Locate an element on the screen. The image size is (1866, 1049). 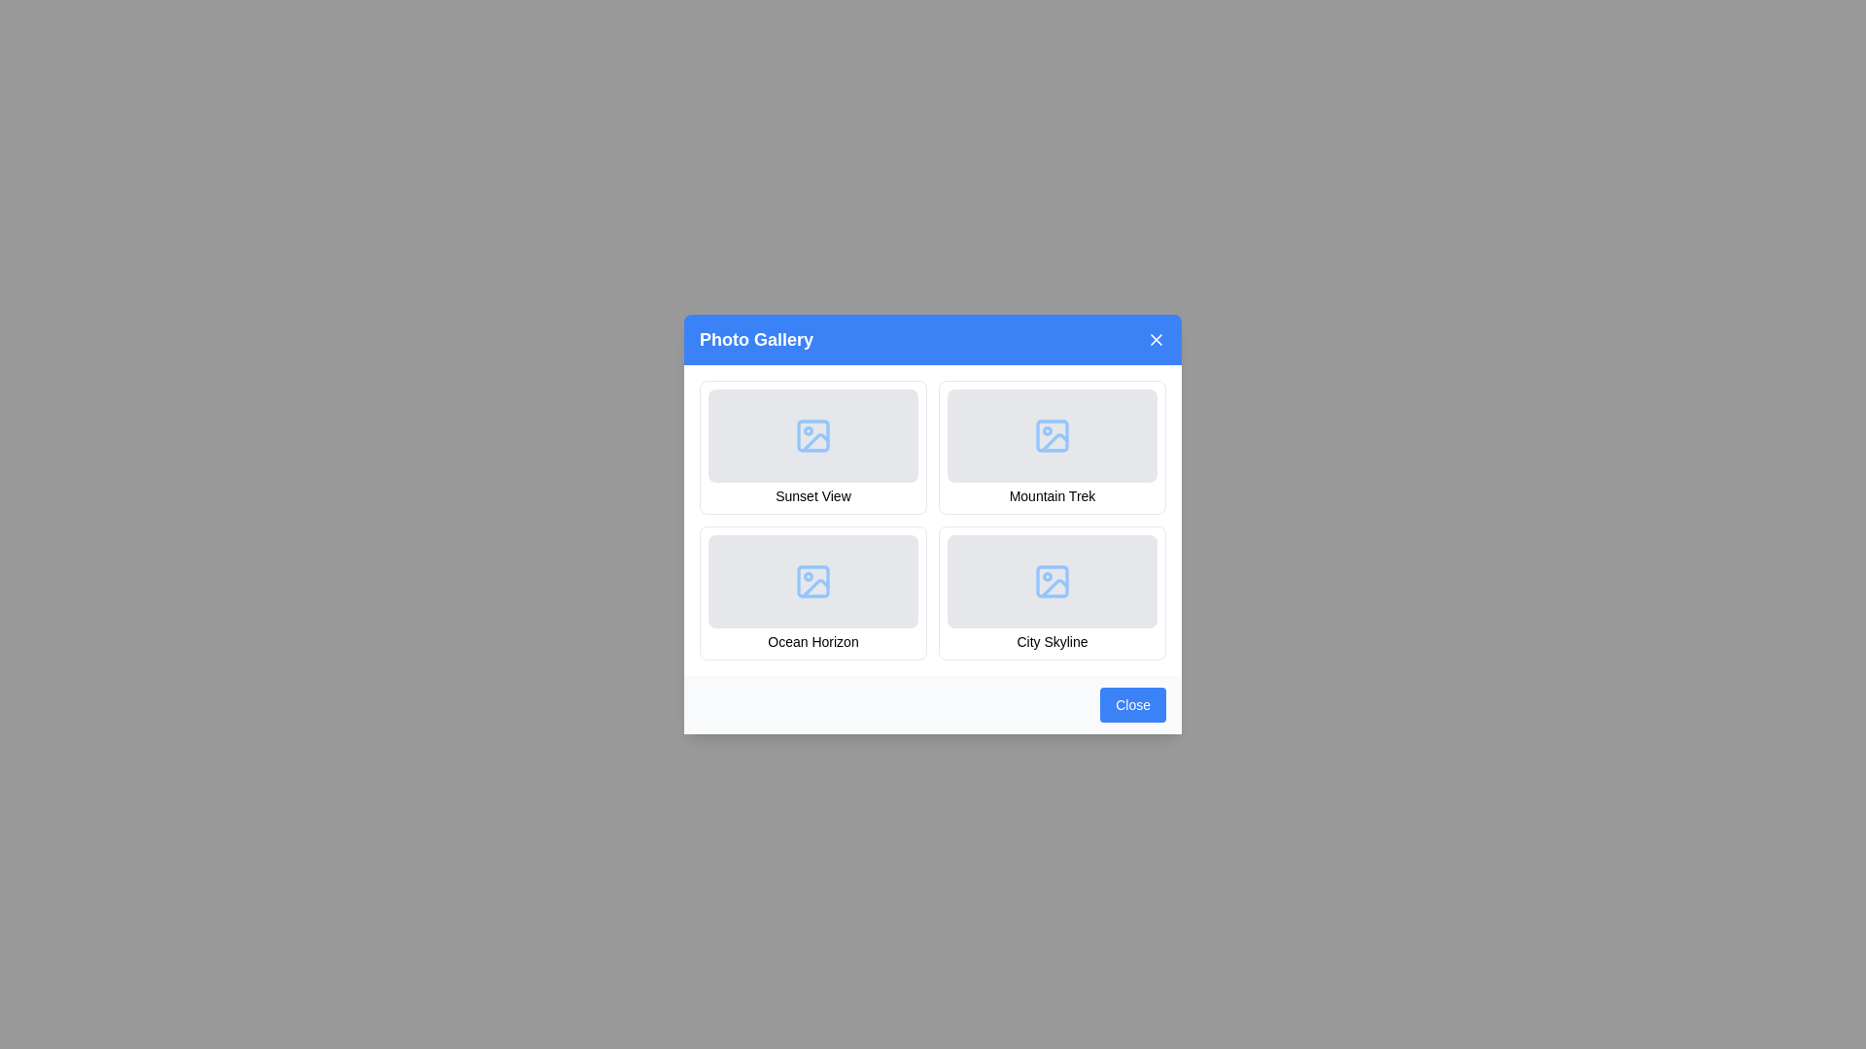
the static text label displaying 'Ocean Horizon', which is located in the bottom-left of a grid layout of photo previews is located at coordinates (812, 641).